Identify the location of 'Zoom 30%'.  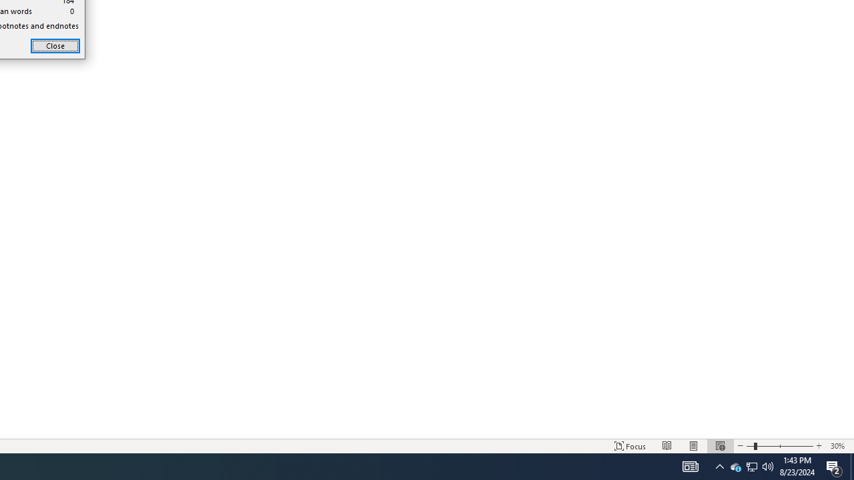
(839, 446).